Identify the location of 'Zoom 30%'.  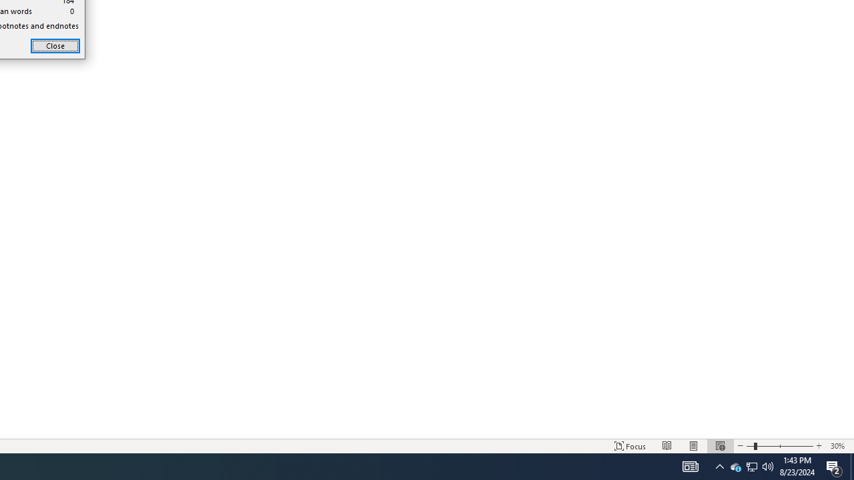
(839, 446).